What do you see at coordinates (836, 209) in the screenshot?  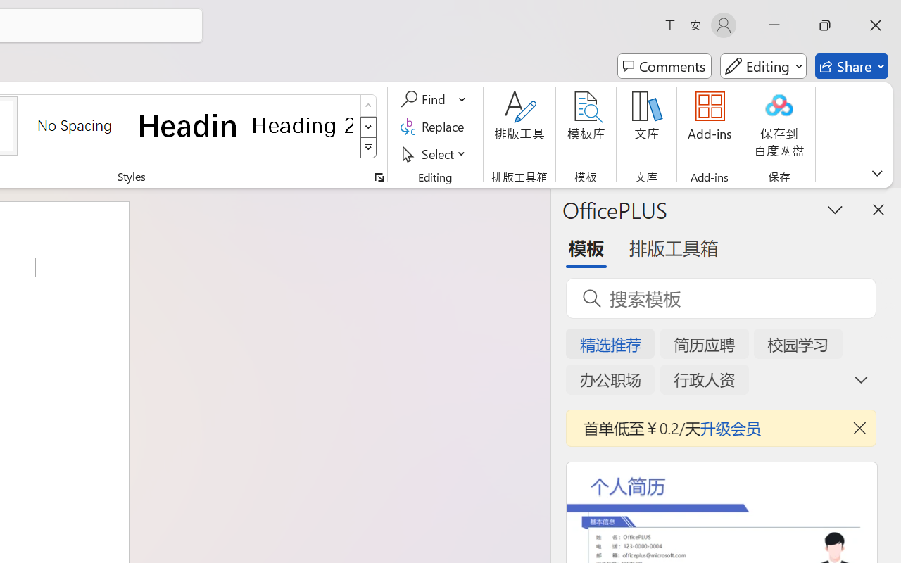 I see `'Task Pane Options'` at bounding box center [836, 209].